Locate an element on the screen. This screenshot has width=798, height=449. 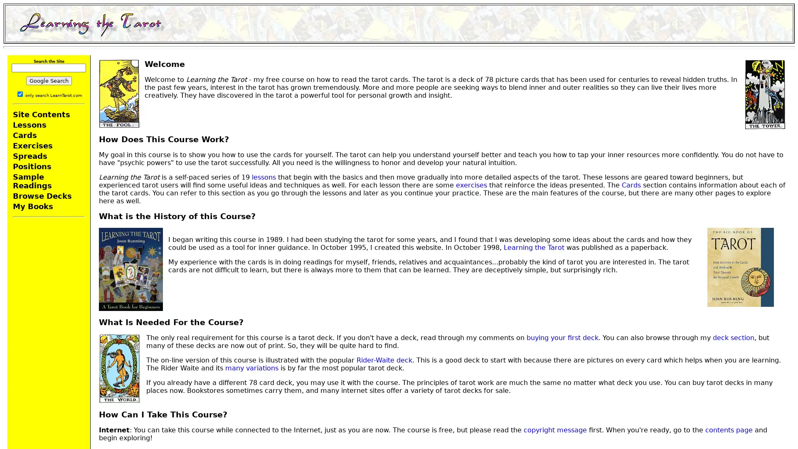
Google Search is located at coordinates (48, 81).